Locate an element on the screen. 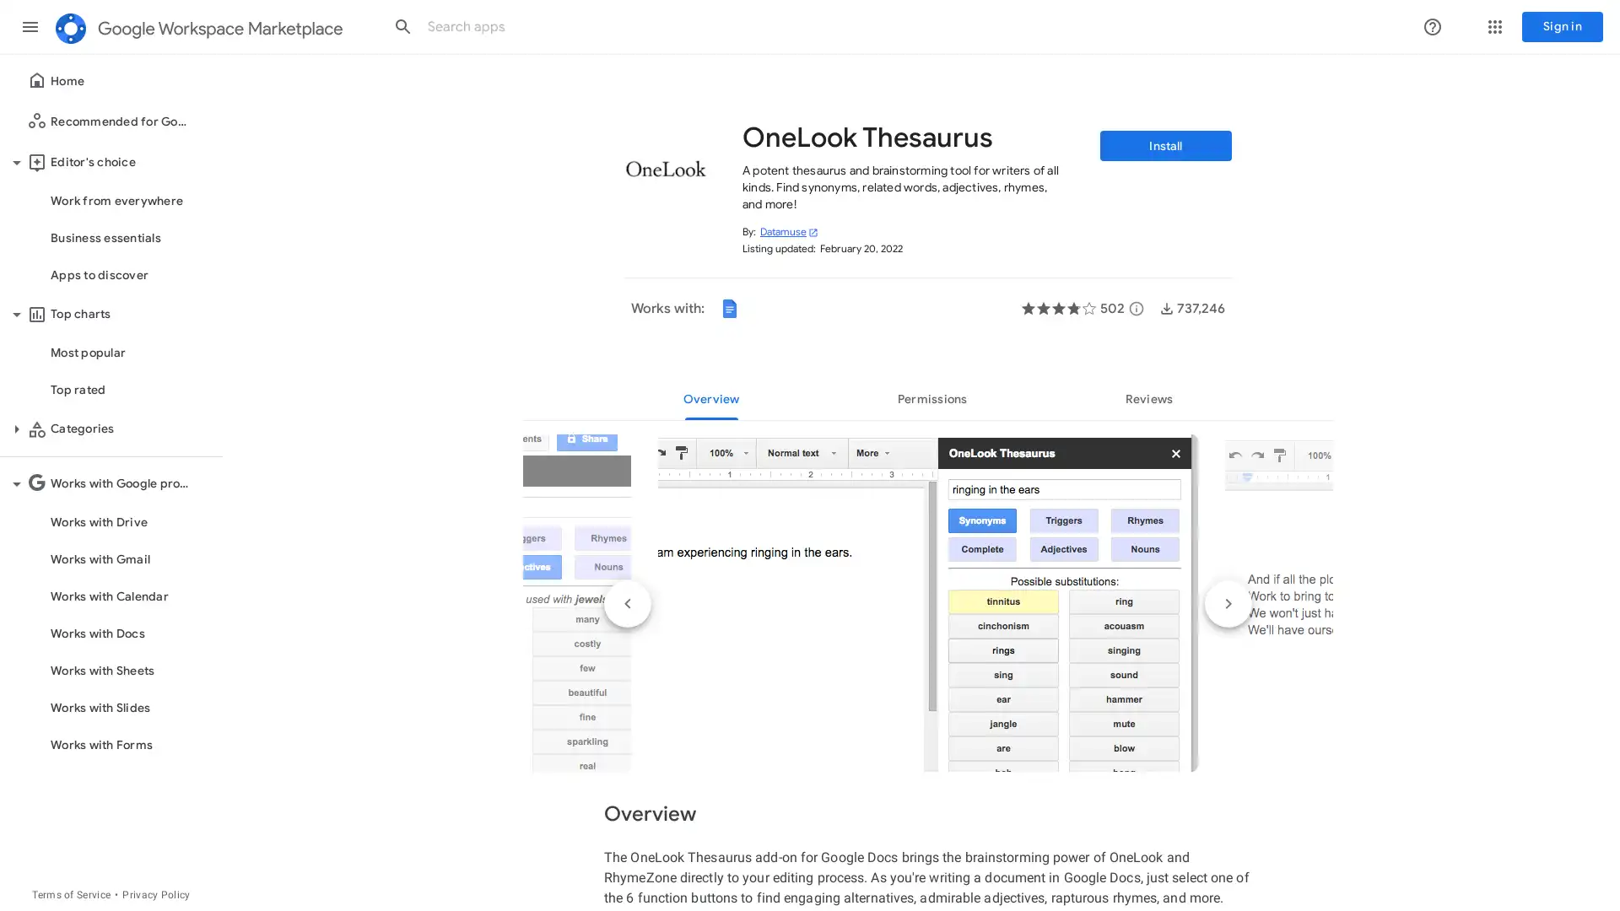 The image size is (1620, 911). More details about user reviews is located at coordinates (1137, 309).